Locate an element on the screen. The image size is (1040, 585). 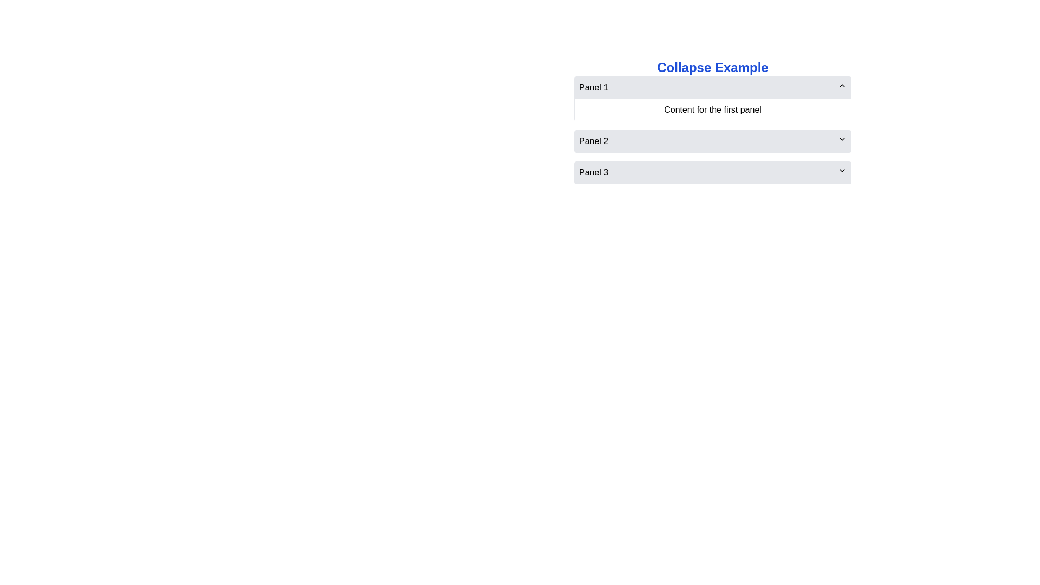
the chevron-down icon located at the far right of the 'Panel 2' section header is located at coordinates (842, 139).